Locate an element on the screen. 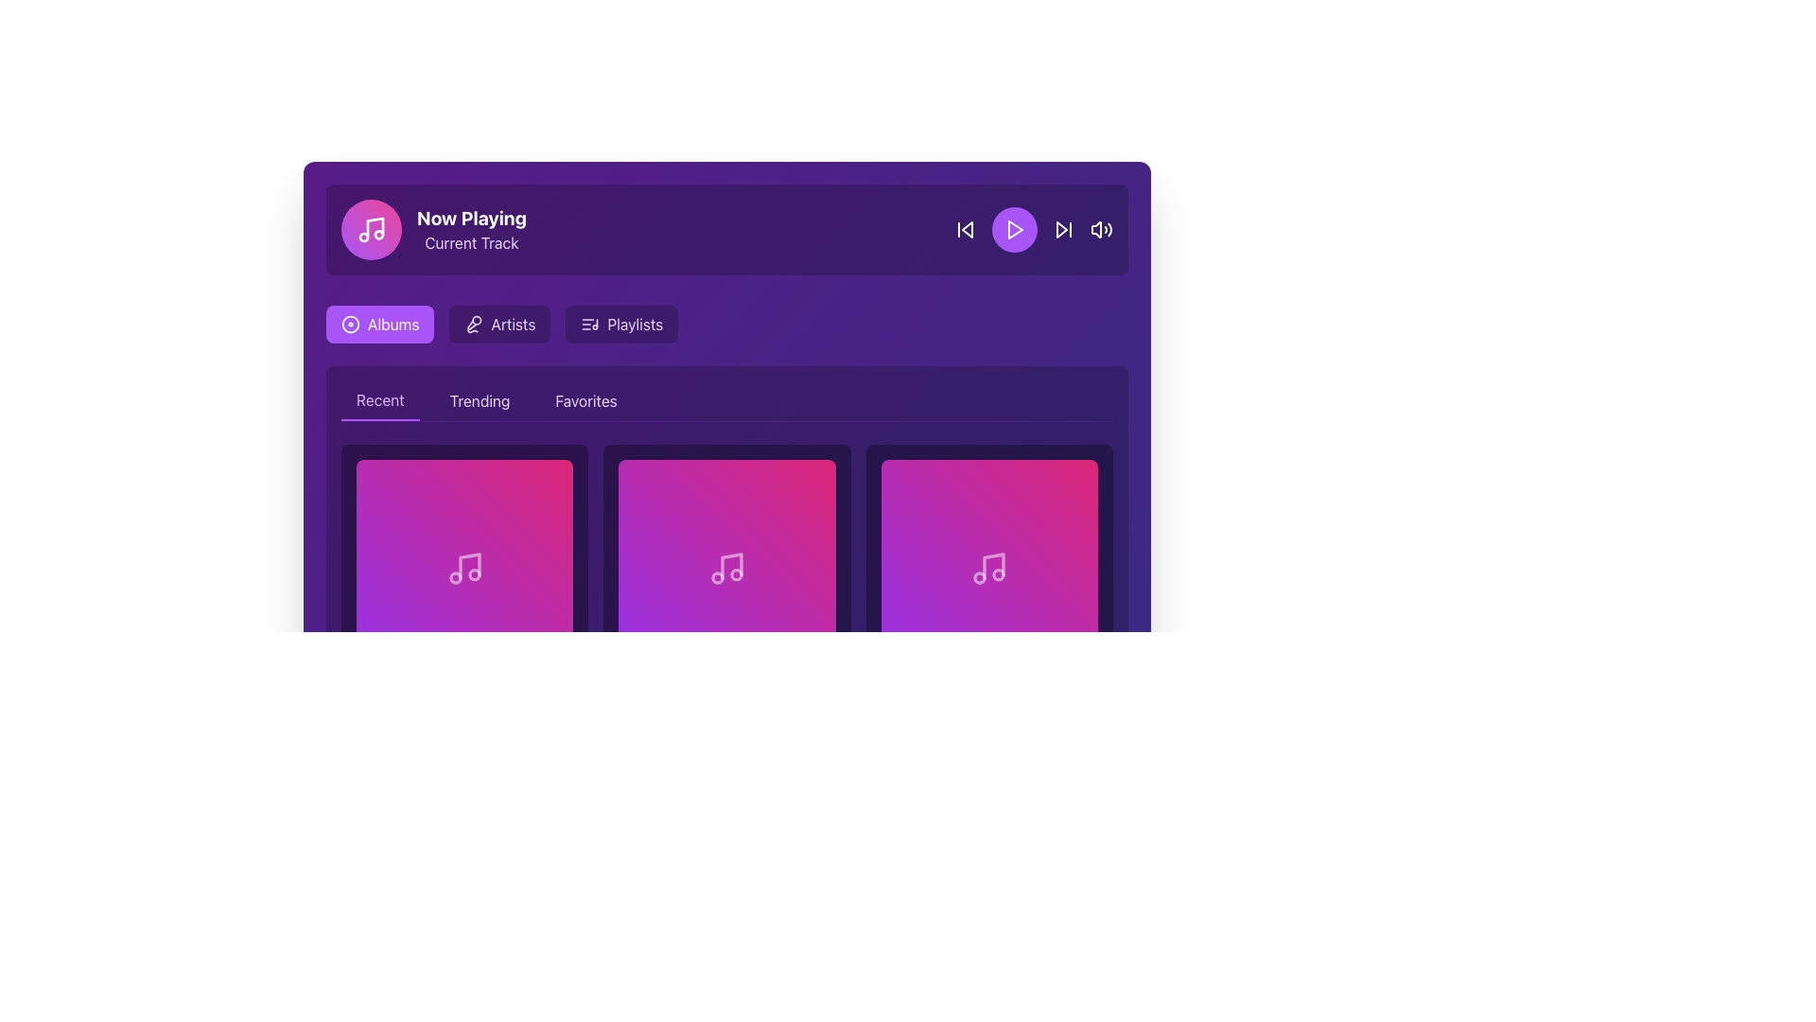 The image size is (1816, 1022). the play control button, which is the third item from the left in the media interface, situated between the rewind and fast-forward buttons is located at coordinates (1014, 229).